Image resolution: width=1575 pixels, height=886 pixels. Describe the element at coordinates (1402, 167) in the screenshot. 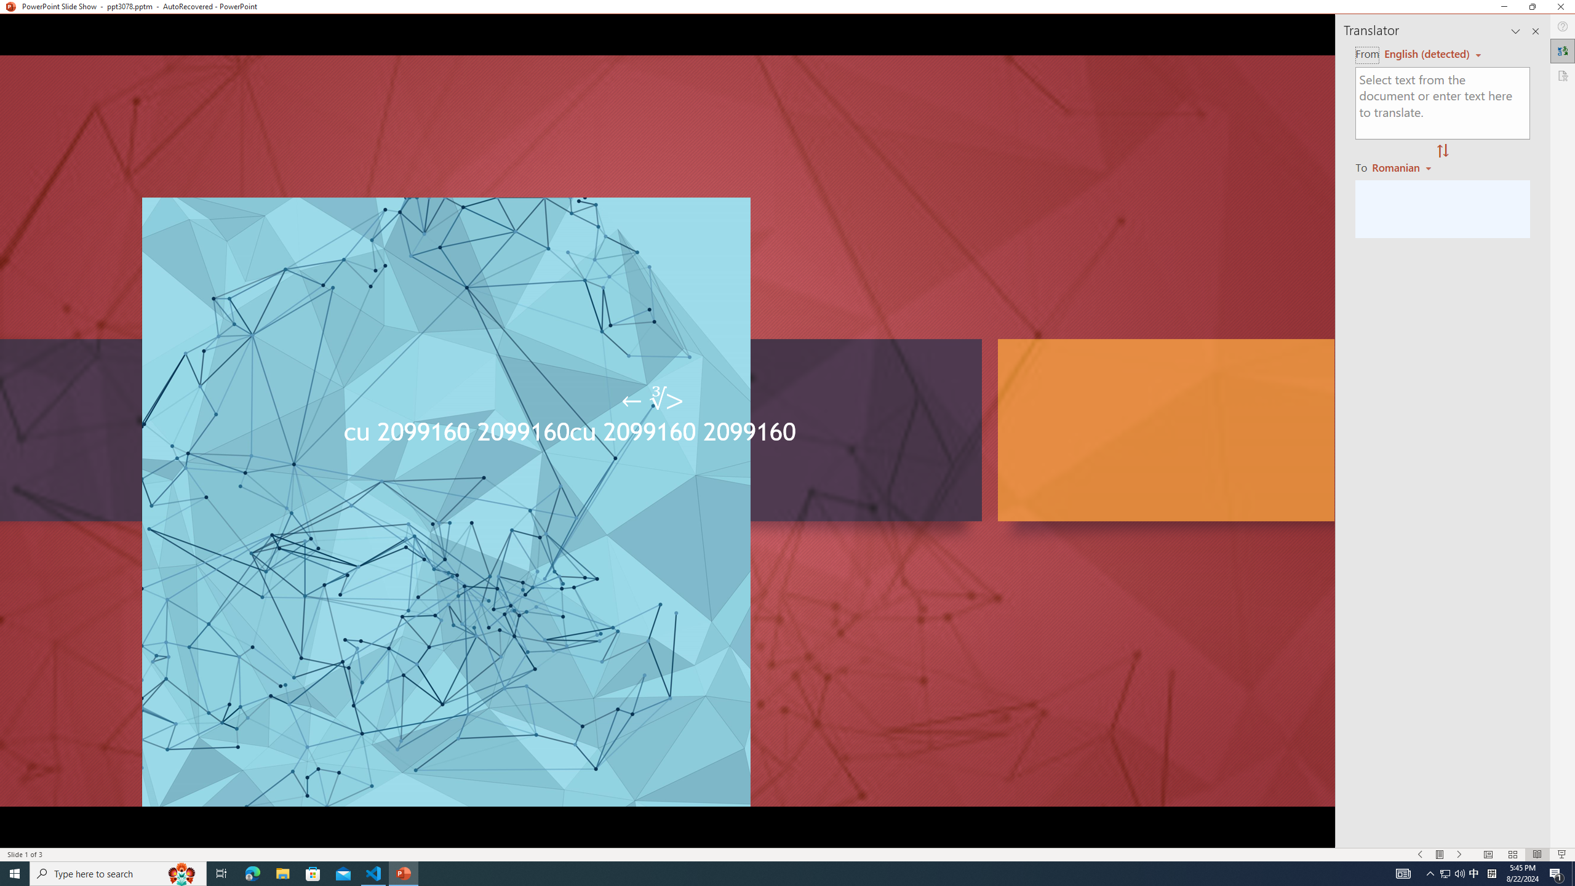

I see `'Romanian'` at that location.